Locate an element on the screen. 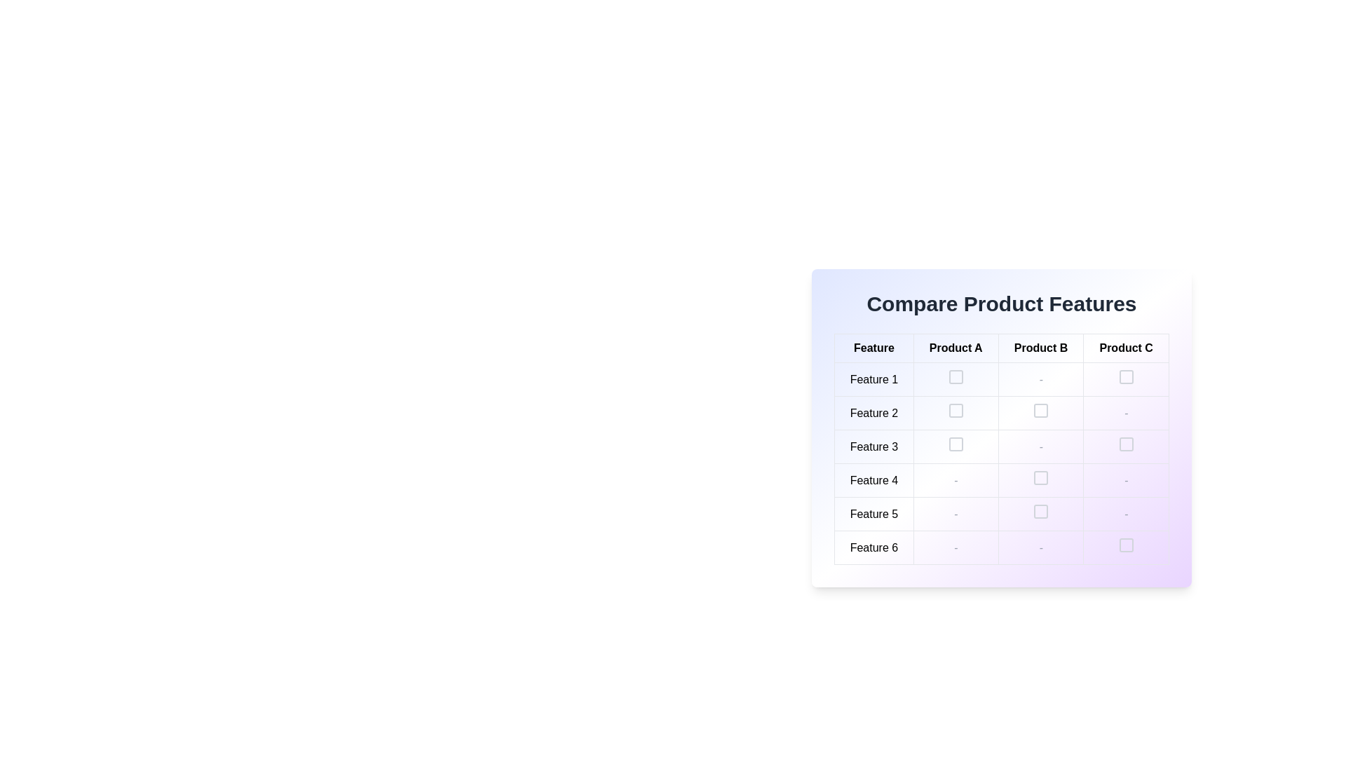 Image resolution: width=1346 pixels, height=757 pixels. the interactive checkbox under 'Product A' for 'Feature 1' to interact via keyboard is located at coordinates (955, 376).